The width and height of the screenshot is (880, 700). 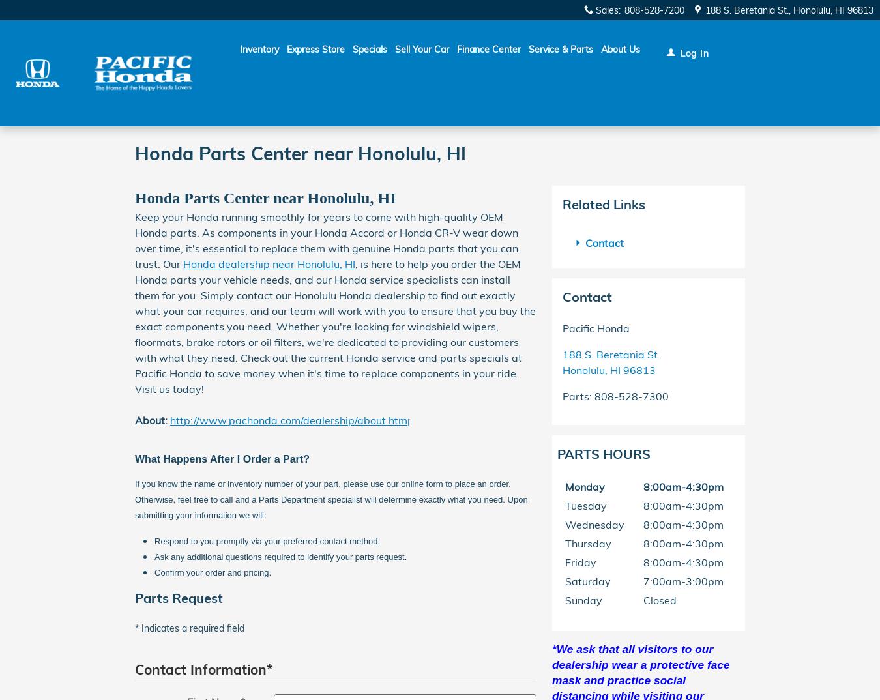 What do you see at coordinates (259, 50) in the screenshot?
I see `'Inventory'` at bounding box center [259, 50].